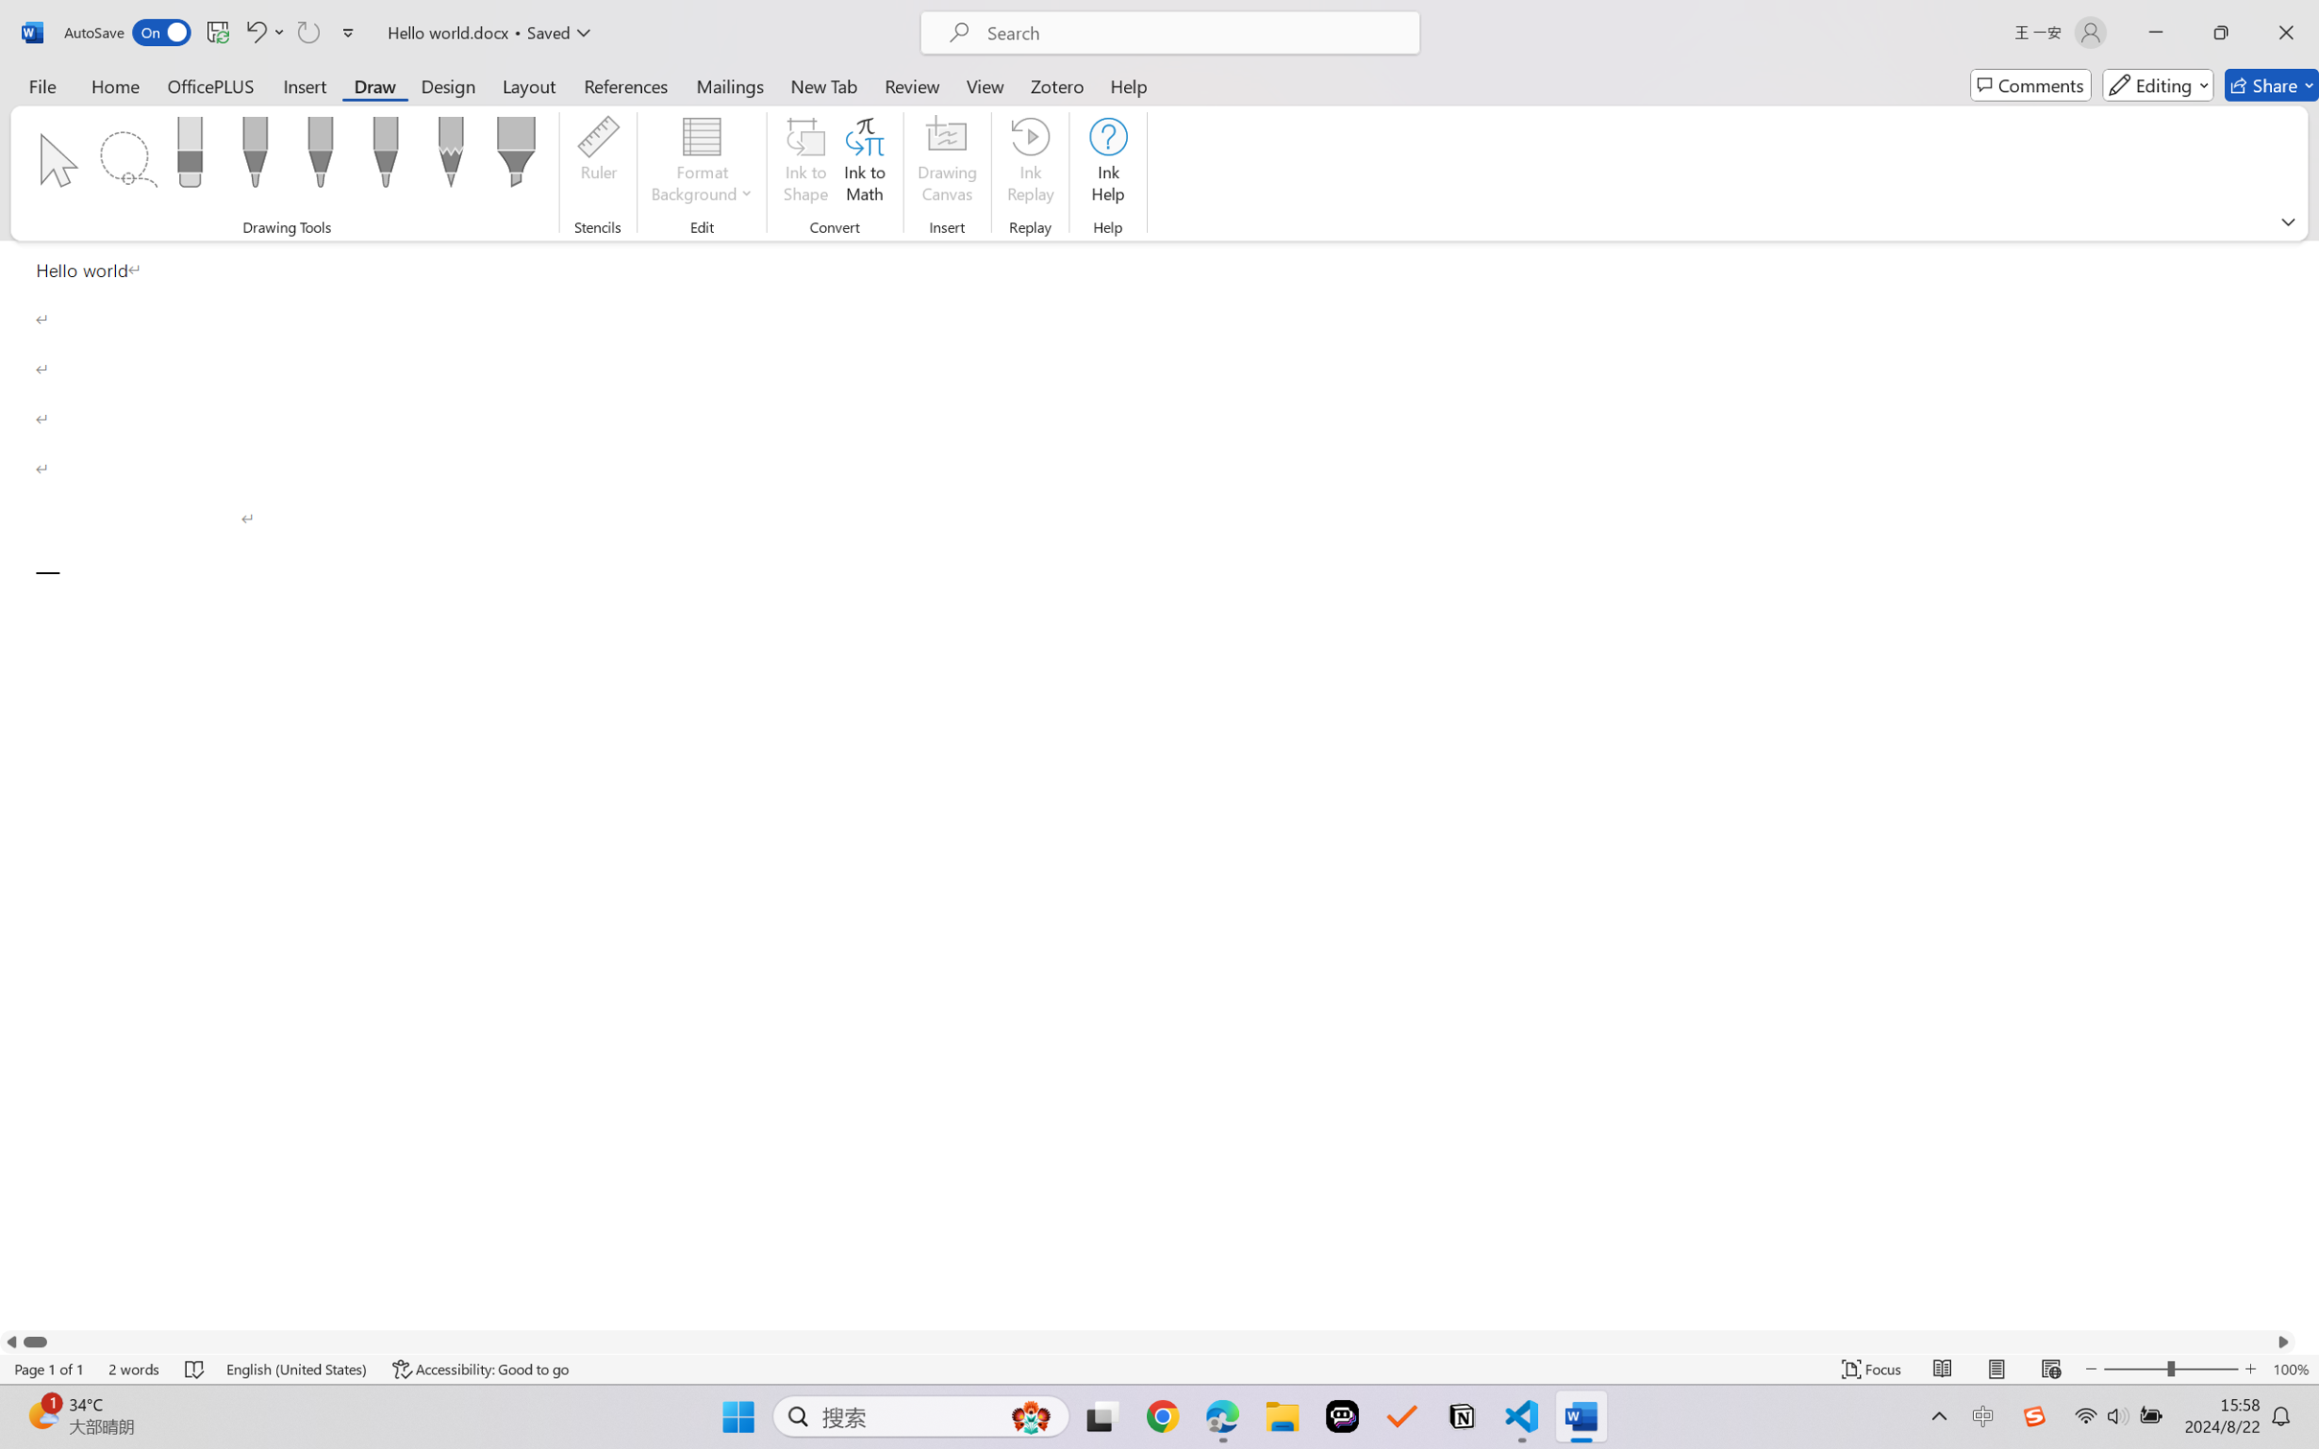 This screenshot has height=1449, width=2319. I want to click on 'Web Layout', so click(2050, 1368).